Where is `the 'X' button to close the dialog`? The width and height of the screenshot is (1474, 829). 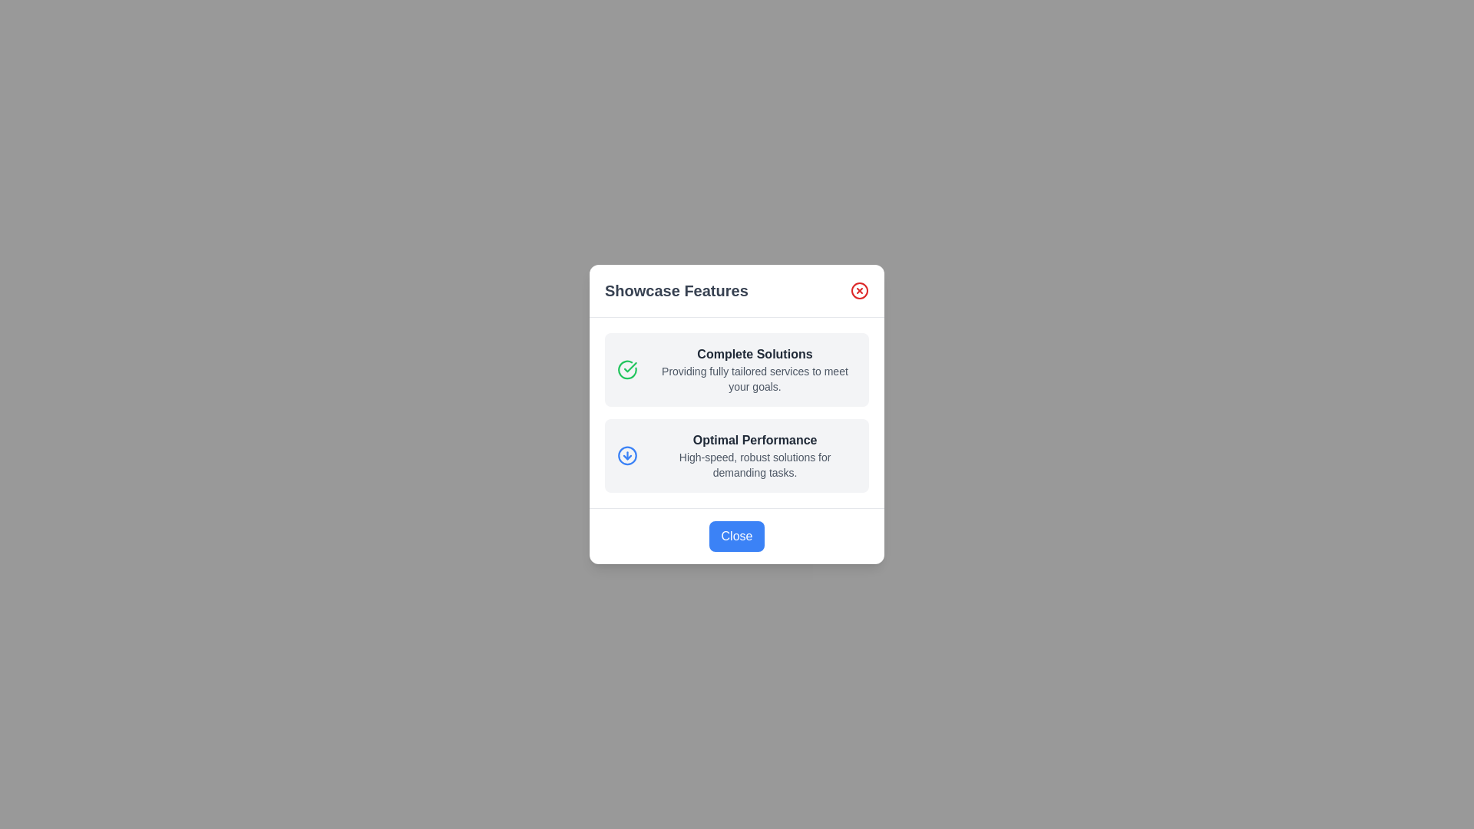 the 'X' button to close the dialog is located at coordinates (858, 290).